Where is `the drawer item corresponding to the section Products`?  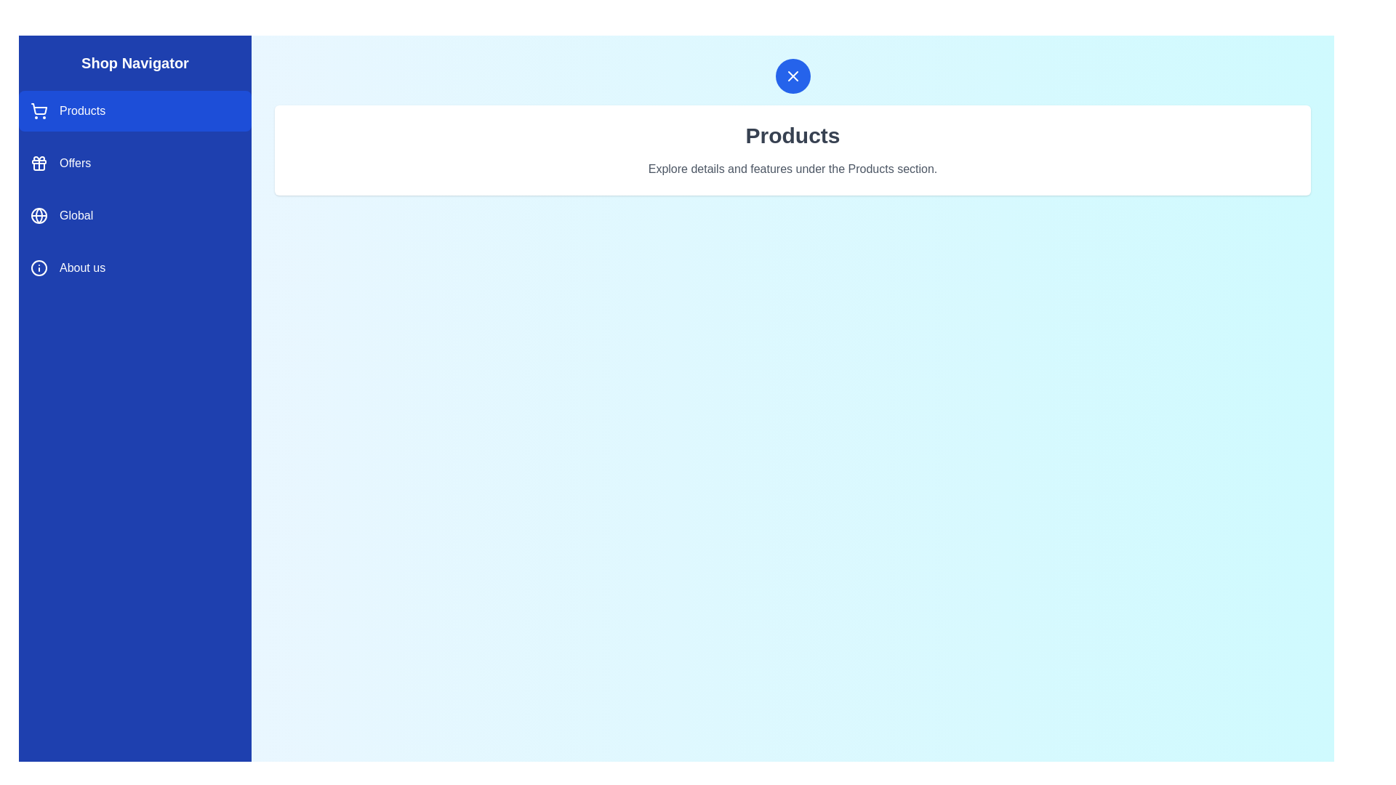 the drawer item corresponding to the section Products is located at coordinates (135, 110).